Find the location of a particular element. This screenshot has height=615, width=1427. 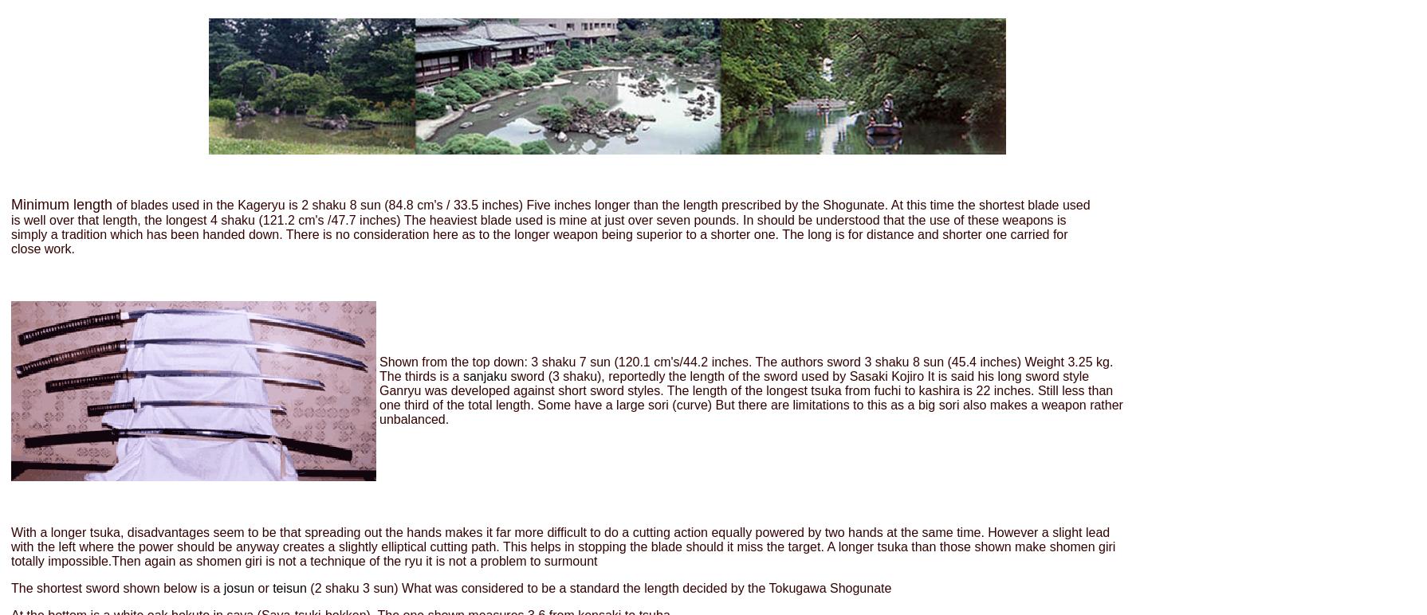

'Shown from the top down: 3 shaku 7 sun (120.1 cm's/44.2 inches. The authors sword 3 shaku 8 sun (45.4 inches) Weight 3.25 kg' is located at coordinates (744, 361).